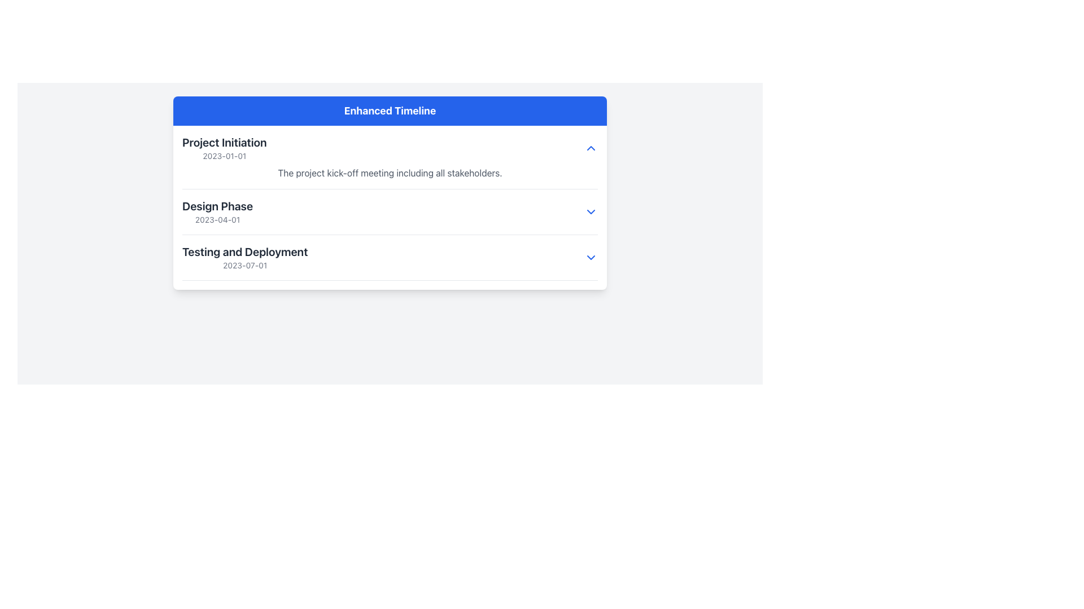 This screenshot has height=609, width=1084. I want to click on on the title or label text representing a project phase in the timeline view, located in the top-left corner of the white section under the blue header 'Enhanced Timeline', so click(224, 142).